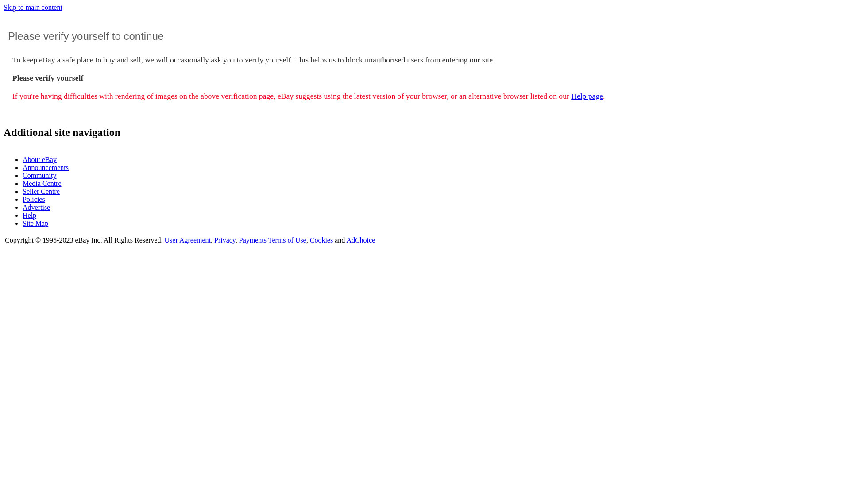 This screenshot has height=478, width=850. I want to click on 'AdChoice', so click(346, 240).